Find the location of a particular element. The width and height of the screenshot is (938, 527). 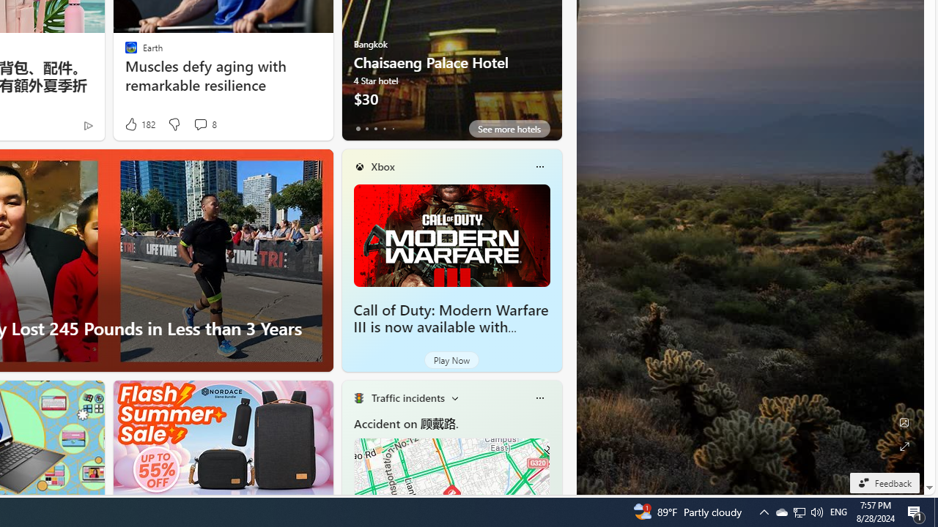

'tab-1' is located at coordinates (366, 128).